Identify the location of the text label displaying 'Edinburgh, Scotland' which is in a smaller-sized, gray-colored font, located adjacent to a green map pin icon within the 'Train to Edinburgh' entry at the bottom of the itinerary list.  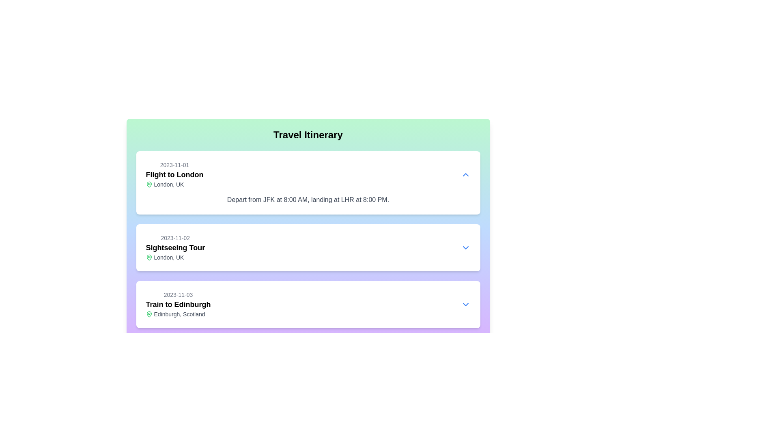
(179, 314).